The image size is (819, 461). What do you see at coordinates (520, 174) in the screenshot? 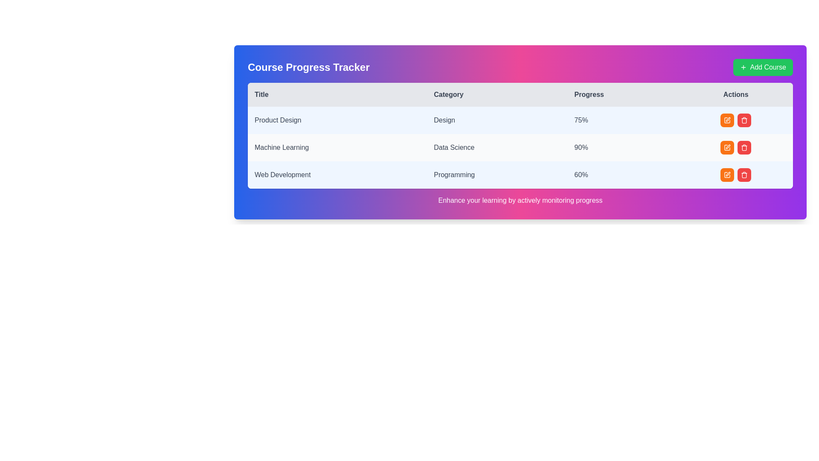
I see `contents of the third row in the table displaying 'Web Development', 'Programming', and '60%' arranged horizontally with a light blue background` at bounding box center [520, 174].